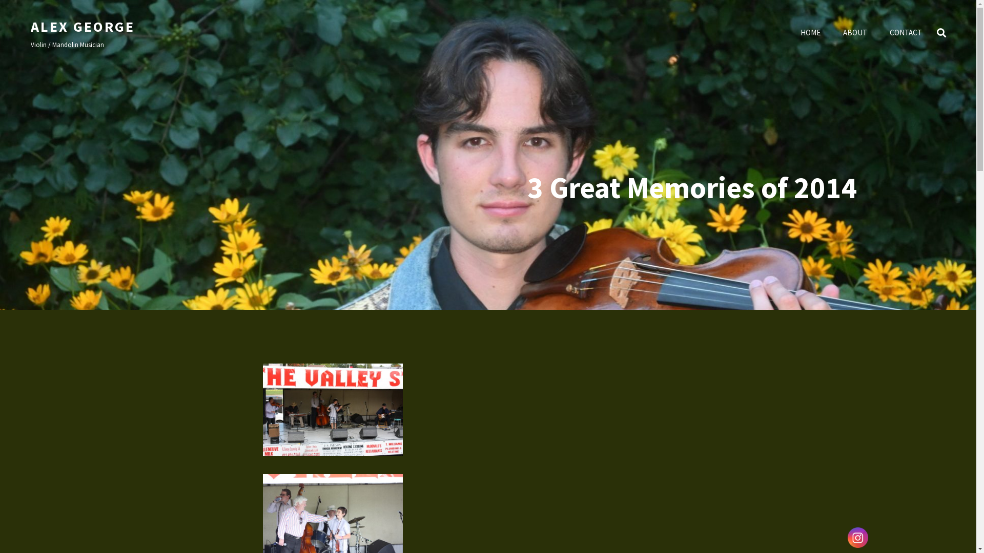 The width and height of the screenshot is (984, 553). I want to click on 'Instagram', so click(858, 537).